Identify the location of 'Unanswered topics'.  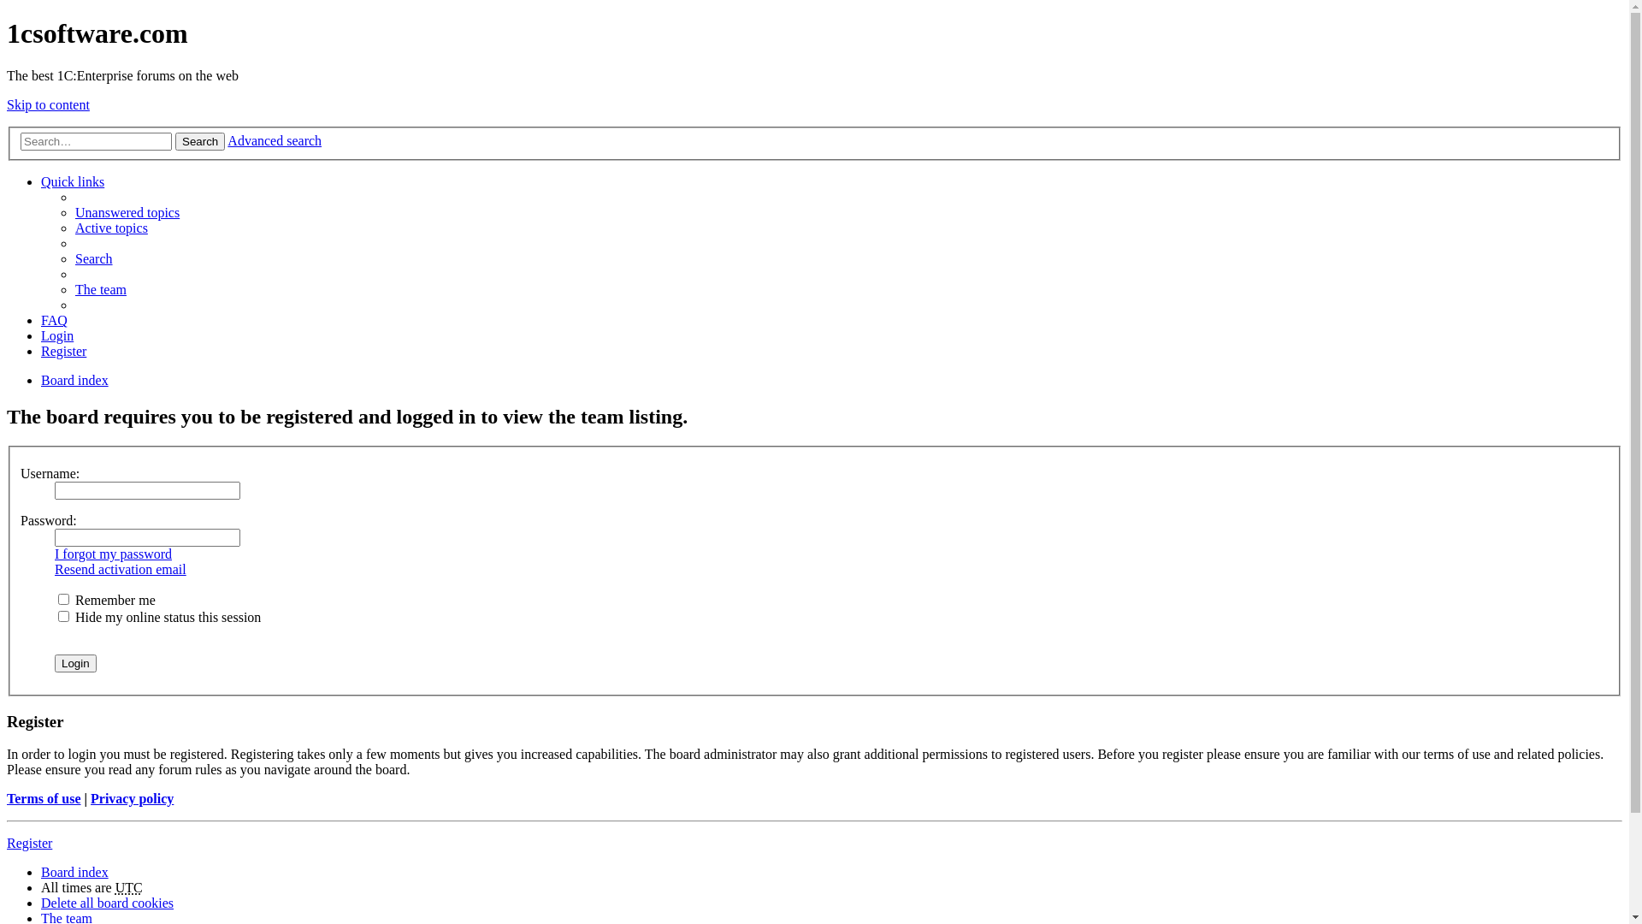
(126, 211).